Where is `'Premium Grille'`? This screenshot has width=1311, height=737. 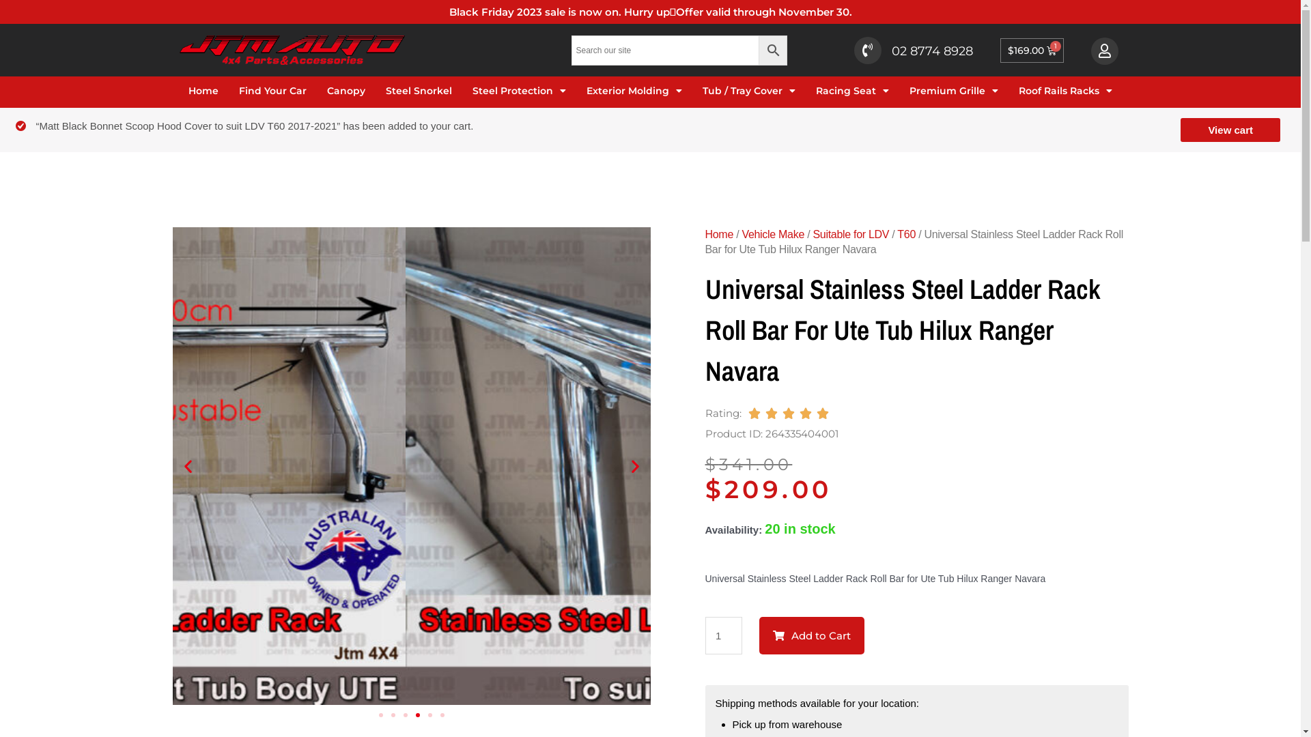 'Premium Grille' is located at coordinates (953, 91).